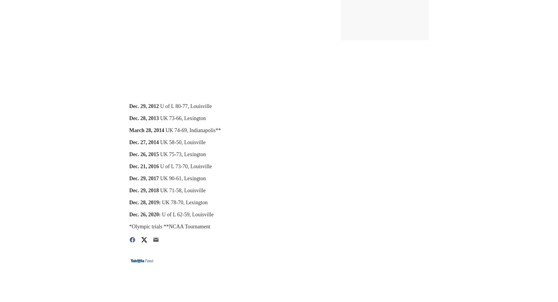 This screenshot has width=558, height=302. Describe the element at coordinates (129, 142) in the screenshot. I see `'Dec. 27, 2014'` at that location.